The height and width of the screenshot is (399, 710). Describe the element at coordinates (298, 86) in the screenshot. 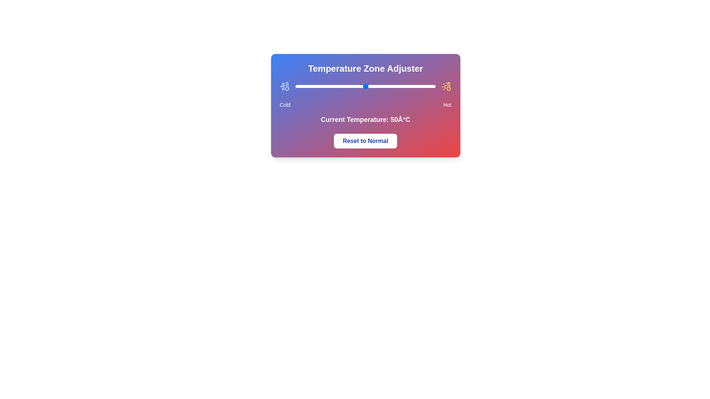

I see `the temperature to 2°C by moving the slider` at that location.